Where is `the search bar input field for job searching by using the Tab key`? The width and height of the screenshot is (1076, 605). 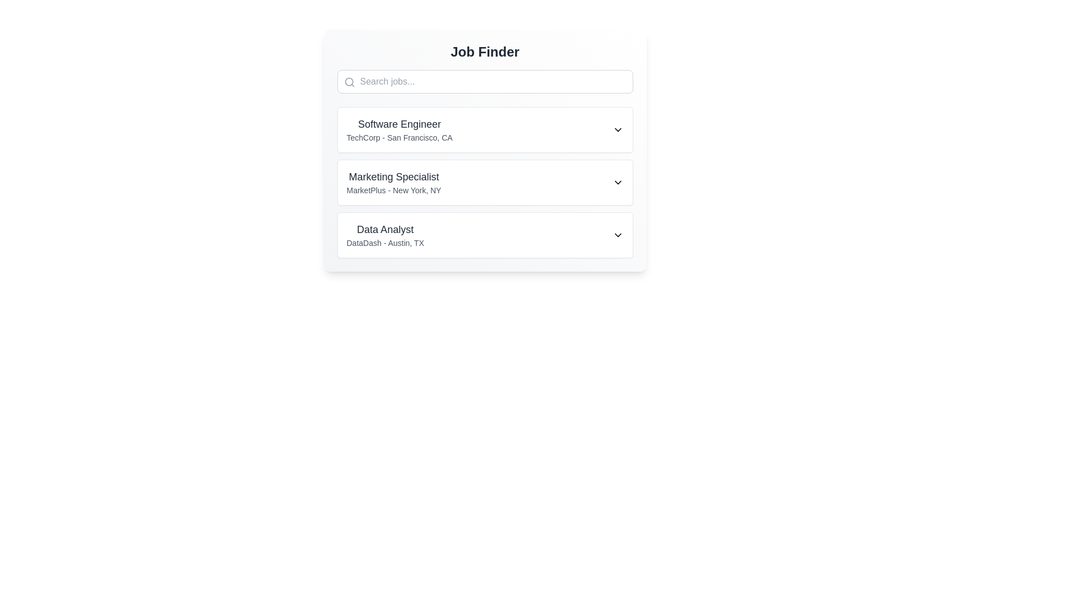
the search bar input field for job searching by using the Tab key is located at coordinates (485, 81).